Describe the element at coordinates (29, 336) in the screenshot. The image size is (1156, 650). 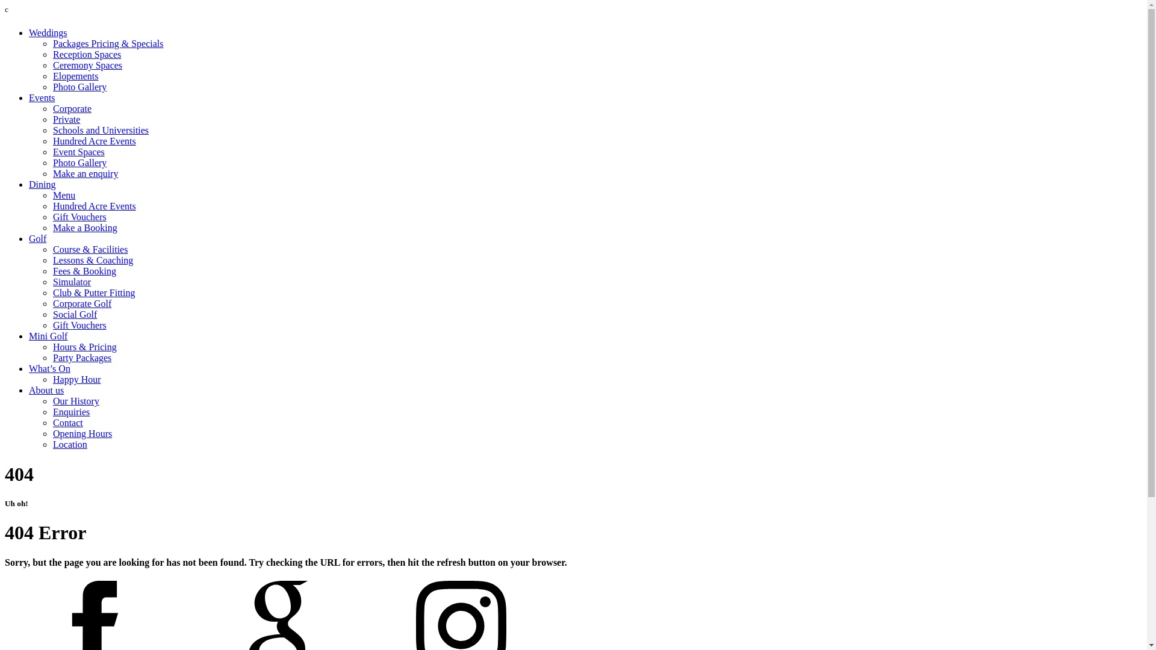
I see `'Mini Golf'` at that location.